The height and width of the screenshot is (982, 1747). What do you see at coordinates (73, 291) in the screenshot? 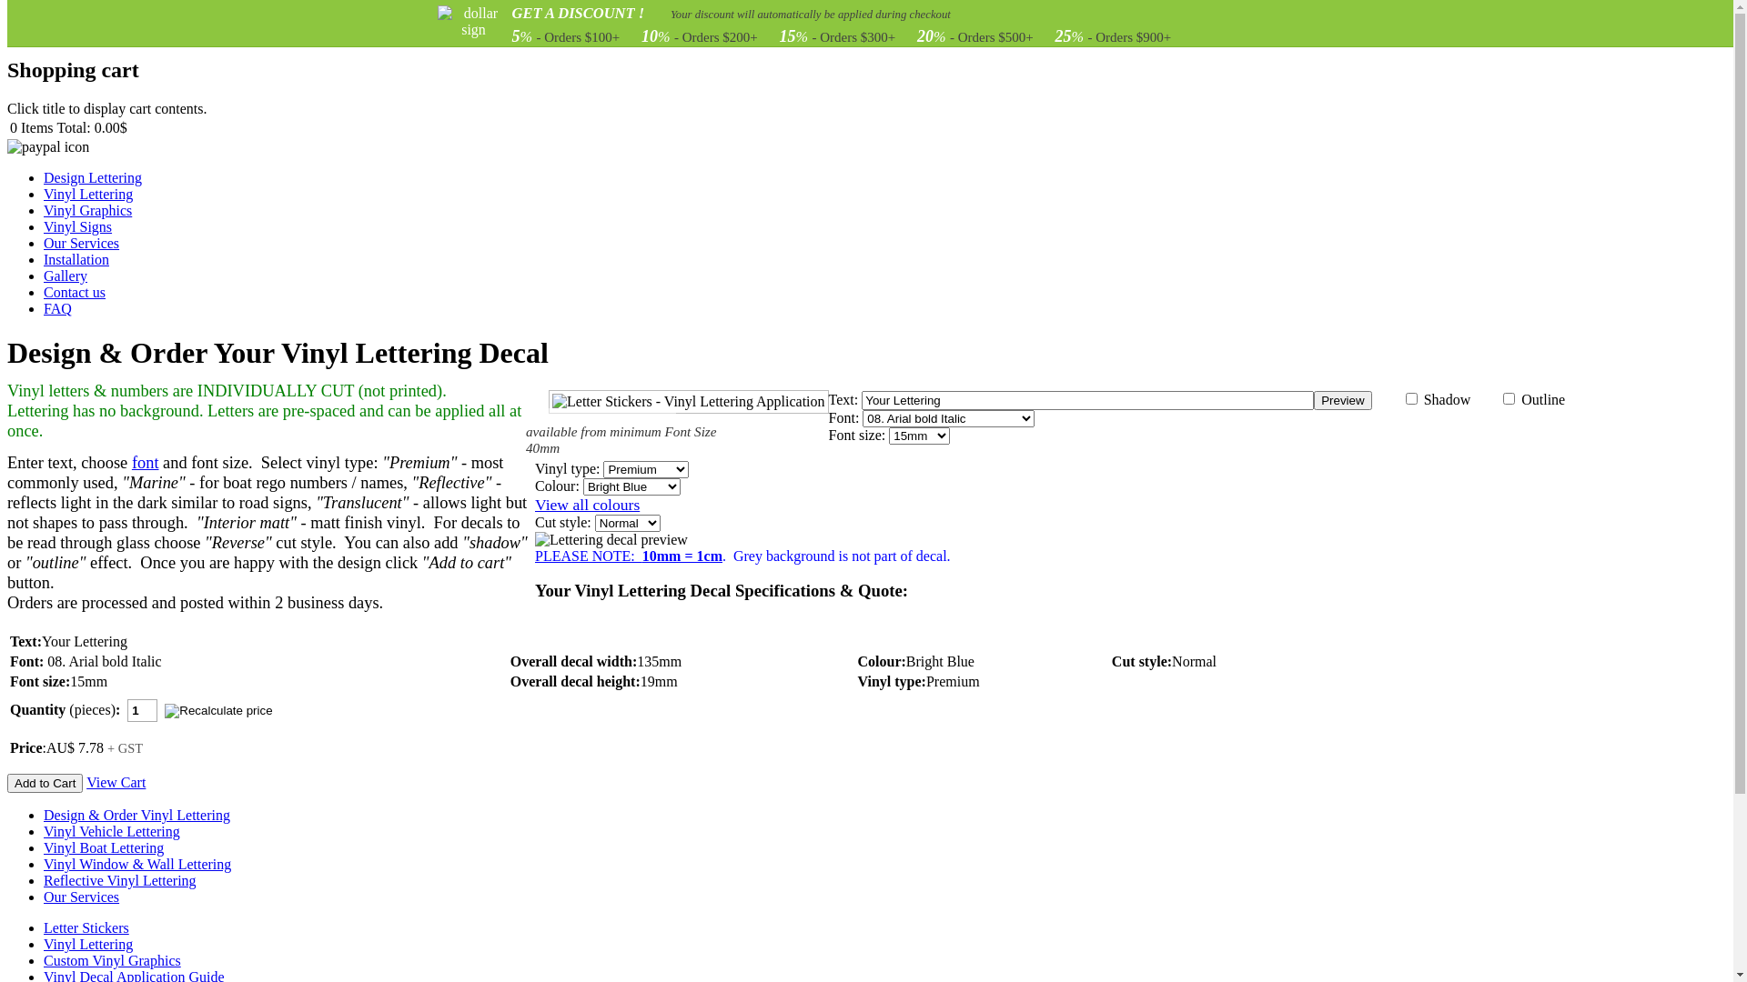
I see `'Contact us'` at bounding box center [73, 291].